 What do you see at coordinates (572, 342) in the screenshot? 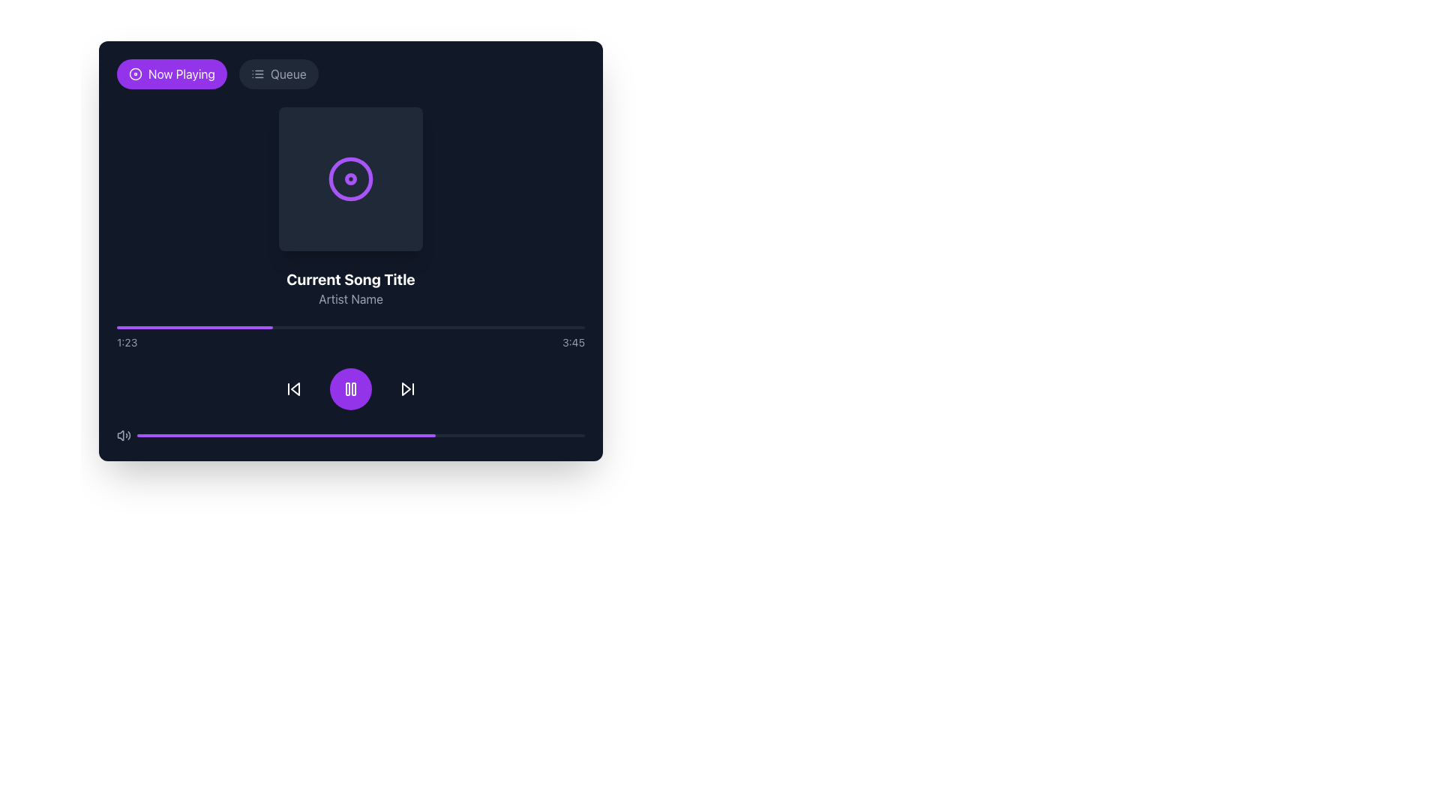
I see `the text label displaying '3:45', which is positioned on the far right next to a progress bar on a dark background` at bounding box center [572, 342].